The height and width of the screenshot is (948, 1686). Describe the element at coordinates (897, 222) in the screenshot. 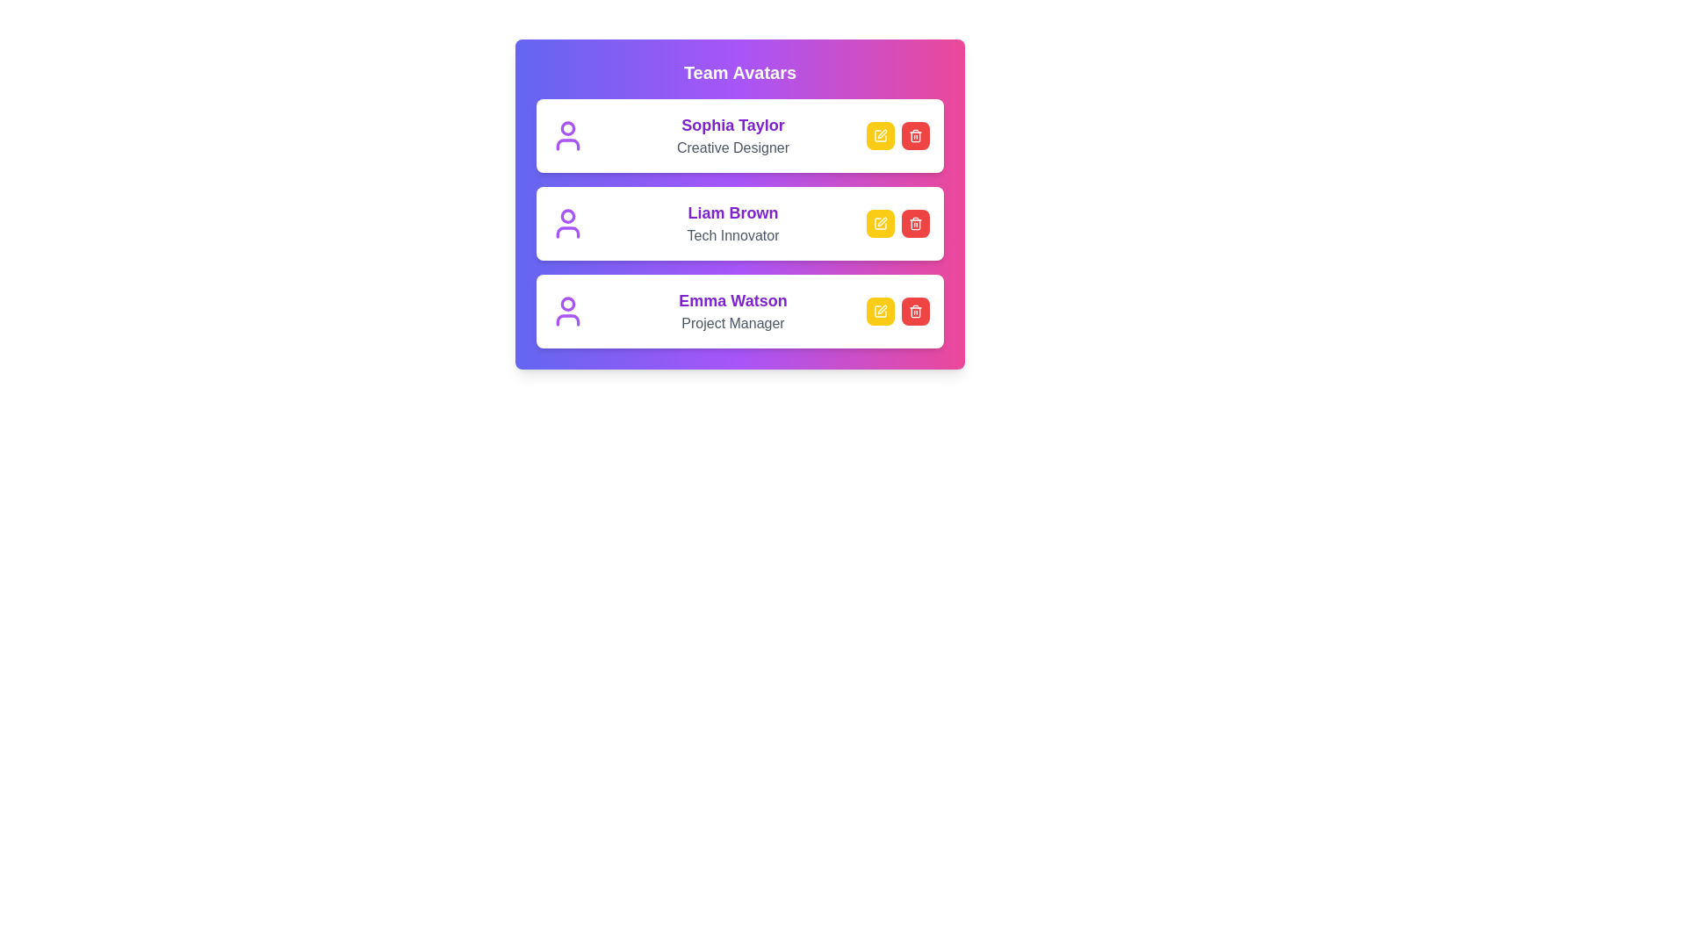

I see `the edit button in the 'Tech Innovator' section under 'Liam Brown' to initiate editing` at that location.